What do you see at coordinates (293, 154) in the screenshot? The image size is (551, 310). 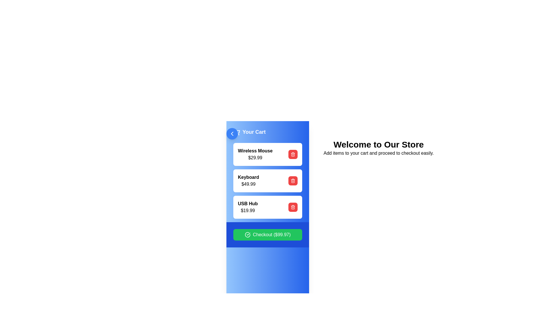 I see `the delete button located on the right side of the 'Wireless Mouse $29.99' item in the cart list to trigger a visual response` at bounding box center [293, 154].